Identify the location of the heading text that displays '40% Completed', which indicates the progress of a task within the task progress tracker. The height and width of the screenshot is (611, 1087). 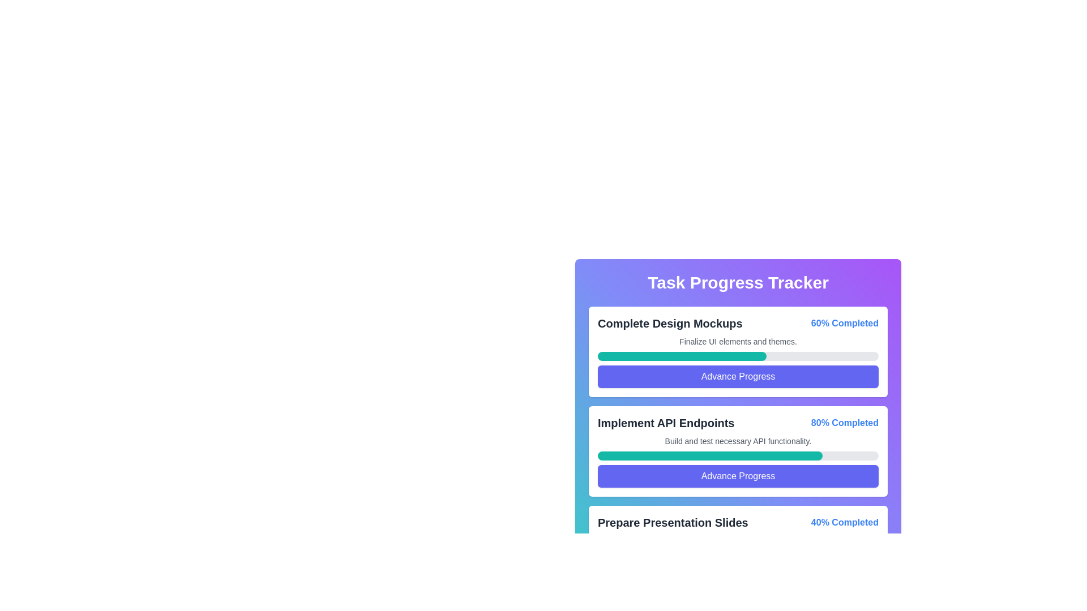
(673, 523).